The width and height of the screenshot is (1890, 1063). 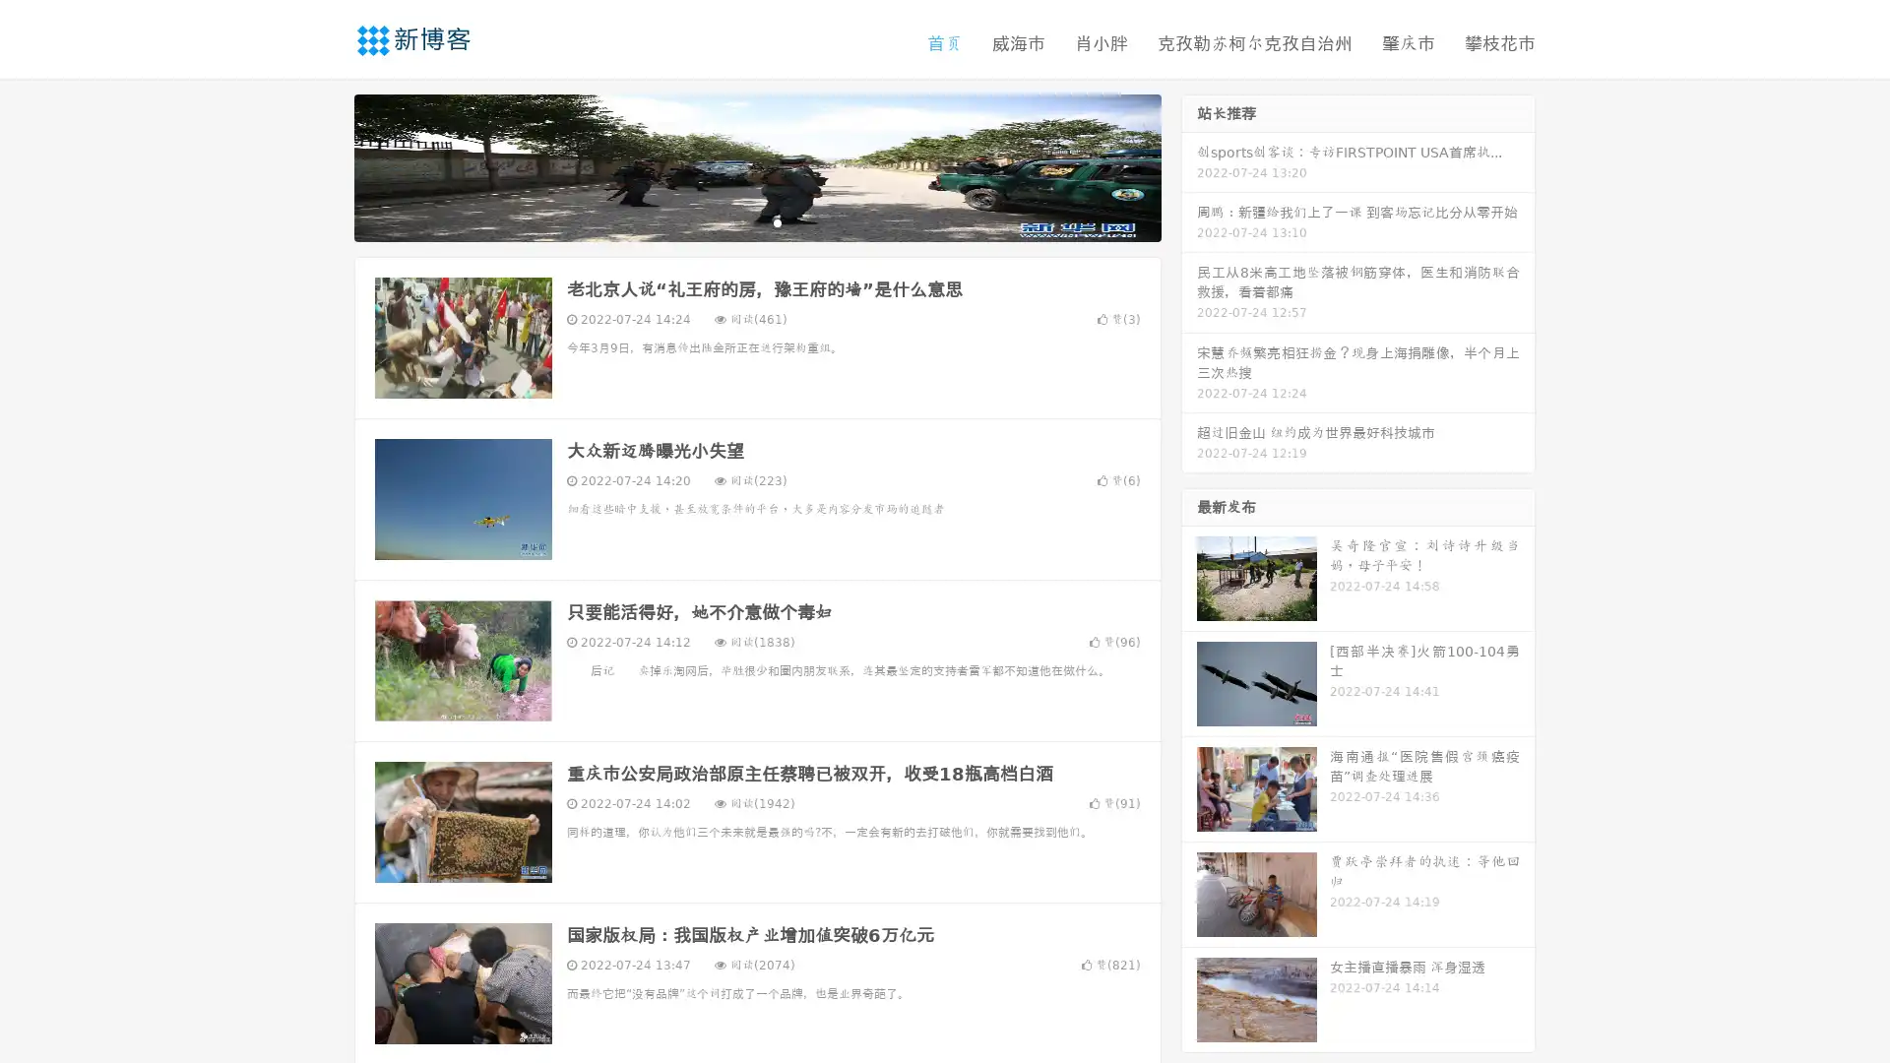 I want to click on Previous slide, so click(x=325, y=165).